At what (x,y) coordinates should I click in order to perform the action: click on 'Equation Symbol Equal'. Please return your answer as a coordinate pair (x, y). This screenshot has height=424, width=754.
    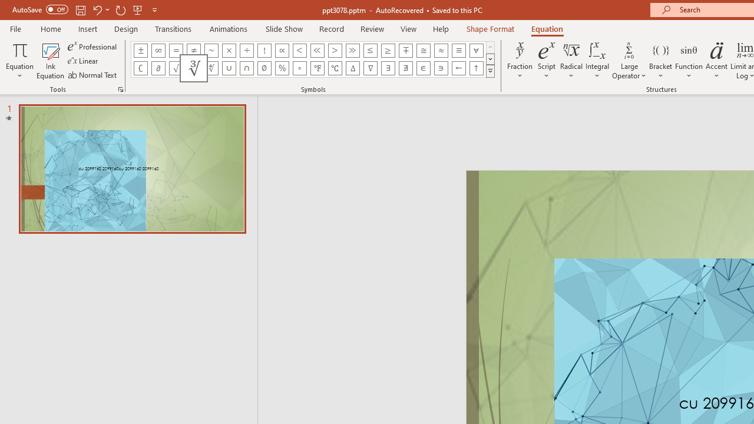
    Looking at the image, I should click on (175, 50).